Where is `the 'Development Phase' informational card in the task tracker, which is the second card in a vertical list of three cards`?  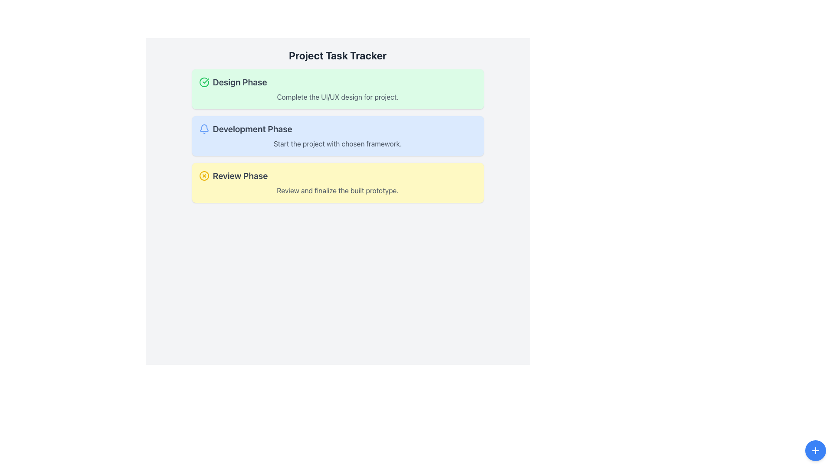 the 'Development Phase' informational card in the task tracker, which is the second card in a vertical list of three cards is located at coordinates (337, 136).